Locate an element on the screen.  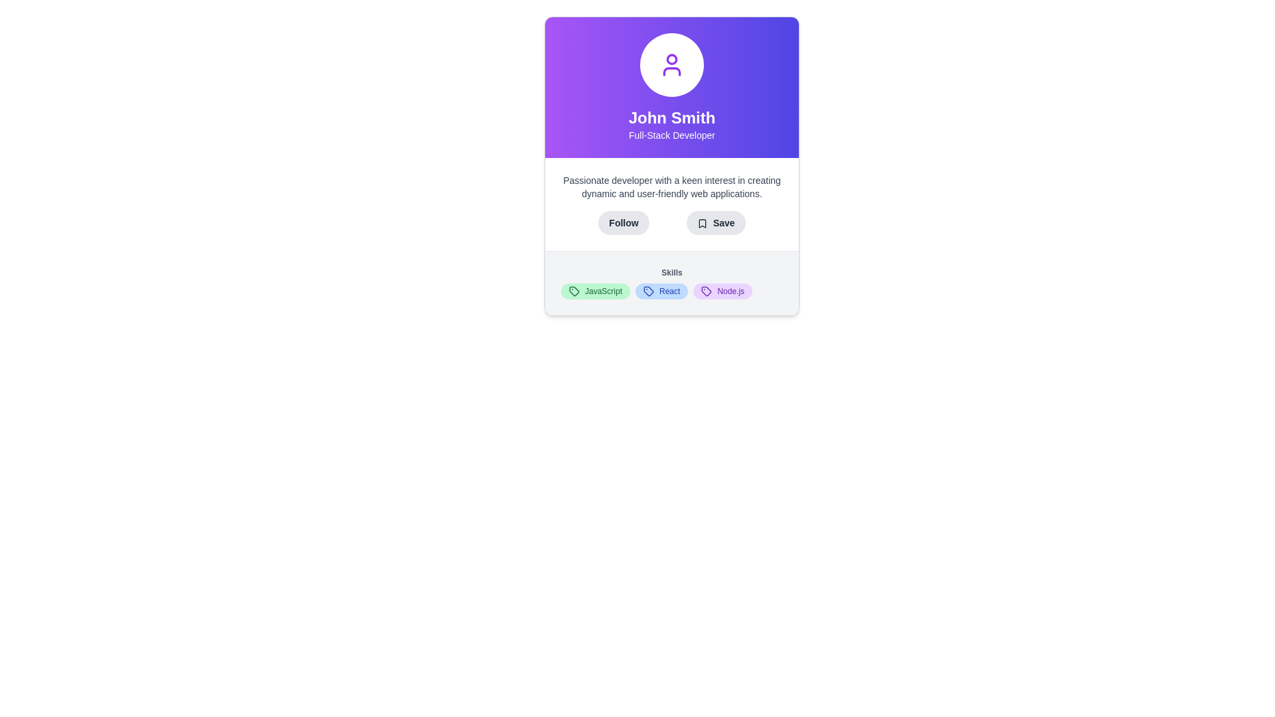
the decorative icon representing the 'JavaScript' skill, located at the bottom-left of the skill badge is located at coordinates (574, 291).